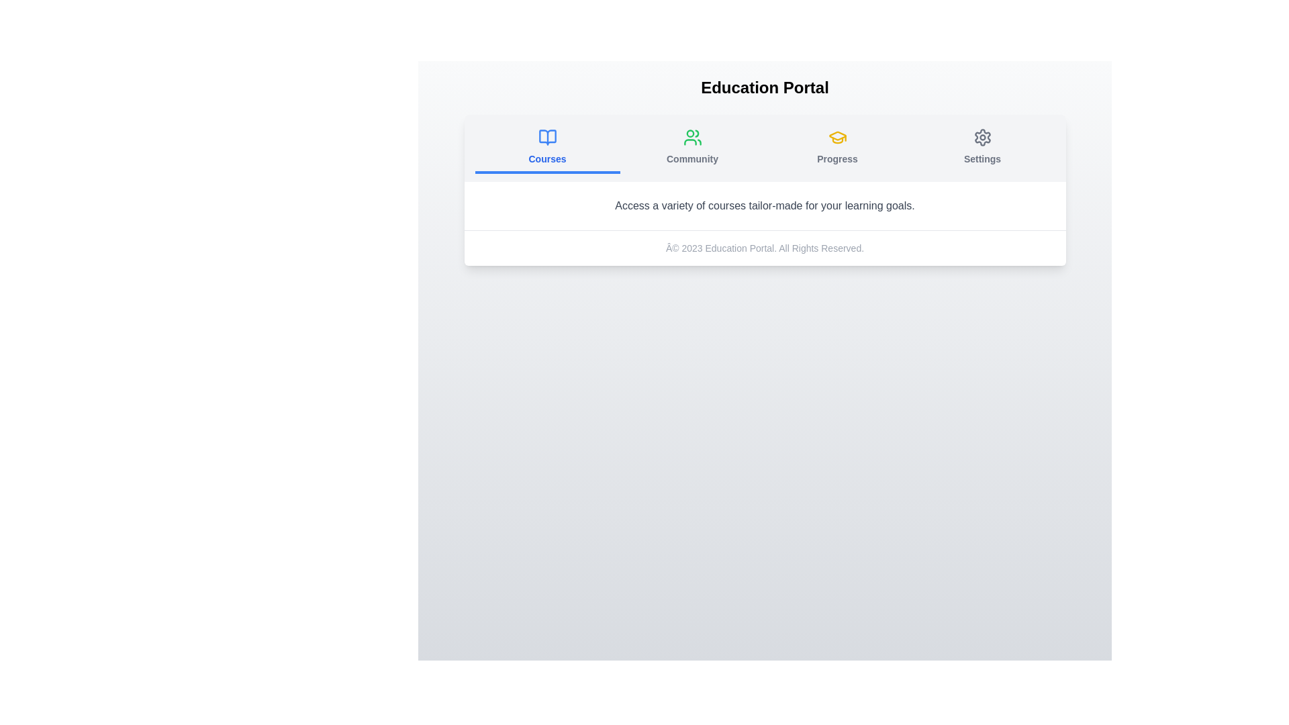  What do you see at coordinates (982, 158) in the screenshot?
I see `the 'Settings' text label, which is a small gray sans-serif label positioned beneath a gear icon in the navigation bar` at bounding box center [982, 158].